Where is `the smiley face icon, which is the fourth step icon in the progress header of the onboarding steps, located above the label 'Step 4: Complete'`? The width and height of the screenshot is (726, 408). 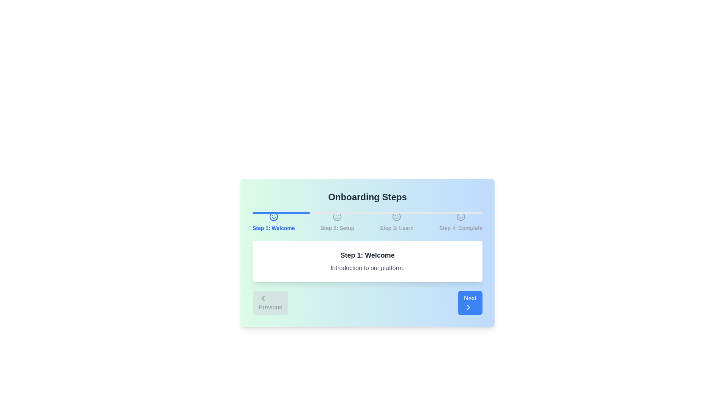 the smiley face icon, which is the fourth step icon in the progress header of the onboarding steps, located above the label 'Step 4: Complete' is located at coordinates (460, 217).